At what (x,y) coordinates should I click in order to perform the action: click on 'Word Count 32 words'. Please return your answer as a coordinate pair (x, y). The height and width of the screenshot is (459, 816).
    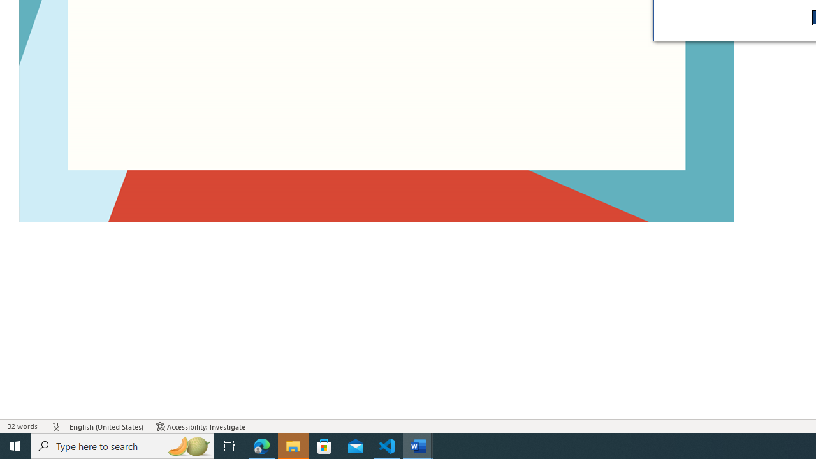
    Looking at the image, I should click on (22, 426).